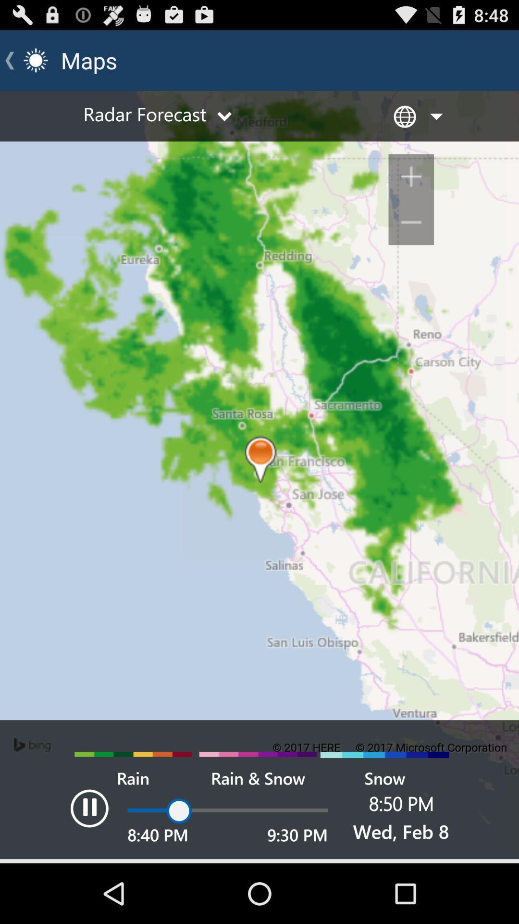 The image size is (519, 924). Describe the element at coordinates (259, 477) in the screenshot. I see `forecast panel` at that location.